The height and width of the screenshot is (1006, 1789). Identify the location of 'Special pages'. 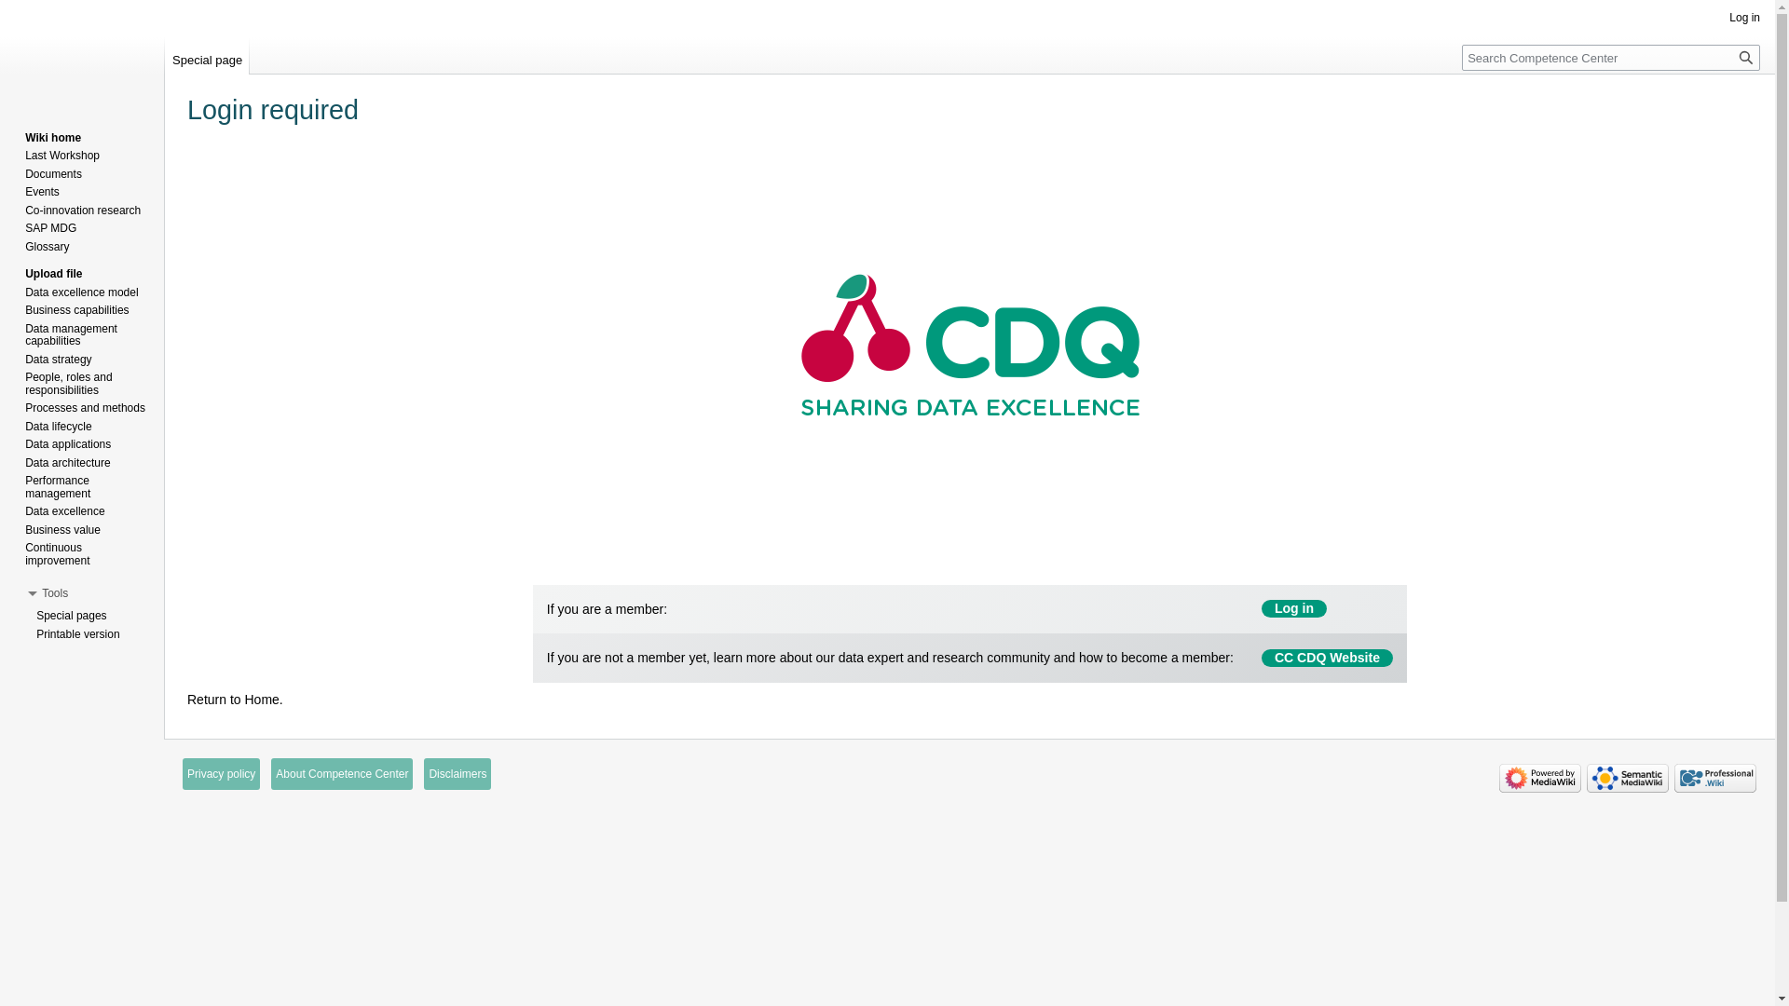
(71, 615).